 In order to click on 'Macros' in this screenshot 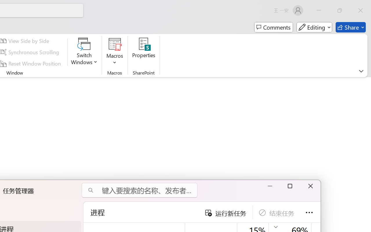, I will do `click(115, 52)`.